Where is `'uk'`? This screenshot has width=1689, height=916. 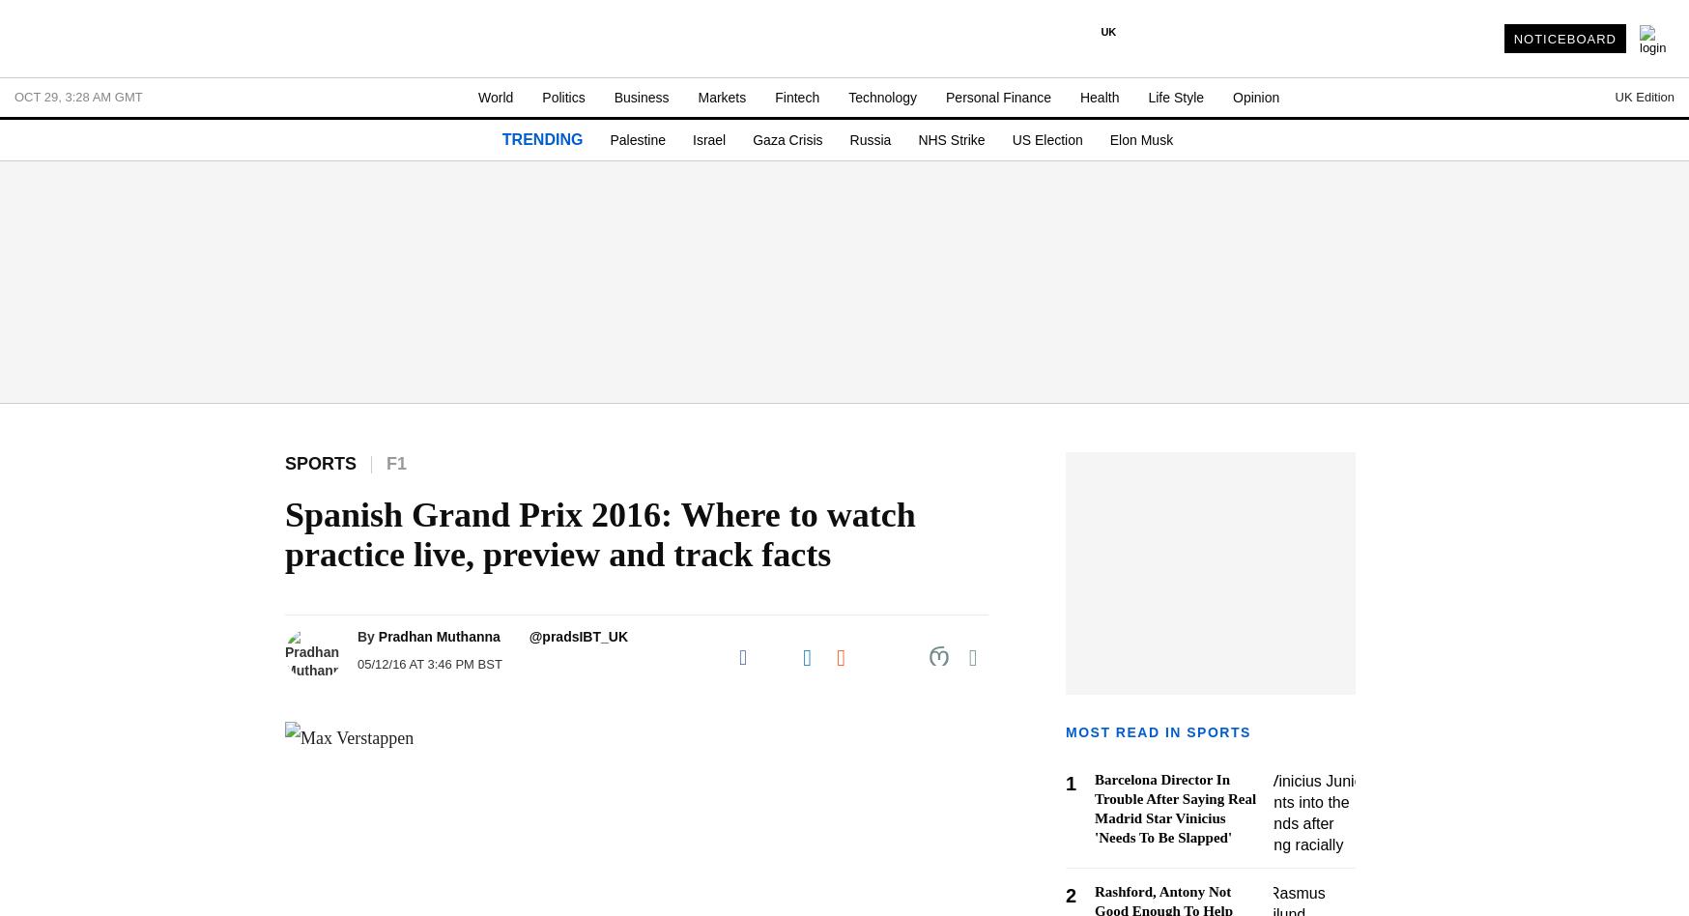 'uk' is located at coordinates (1108, 31).